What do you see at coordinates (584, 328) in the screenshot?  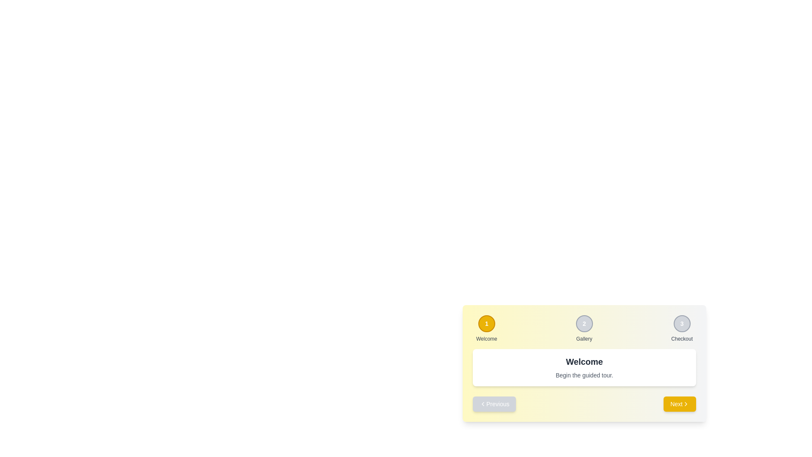 I see `the state of the Step indicator labeled 'Gallery', which is the second step in a multi-step process, positioned centrally between the 'Welcome' and 'Checkout' steps` at bounding box center [584, 328].